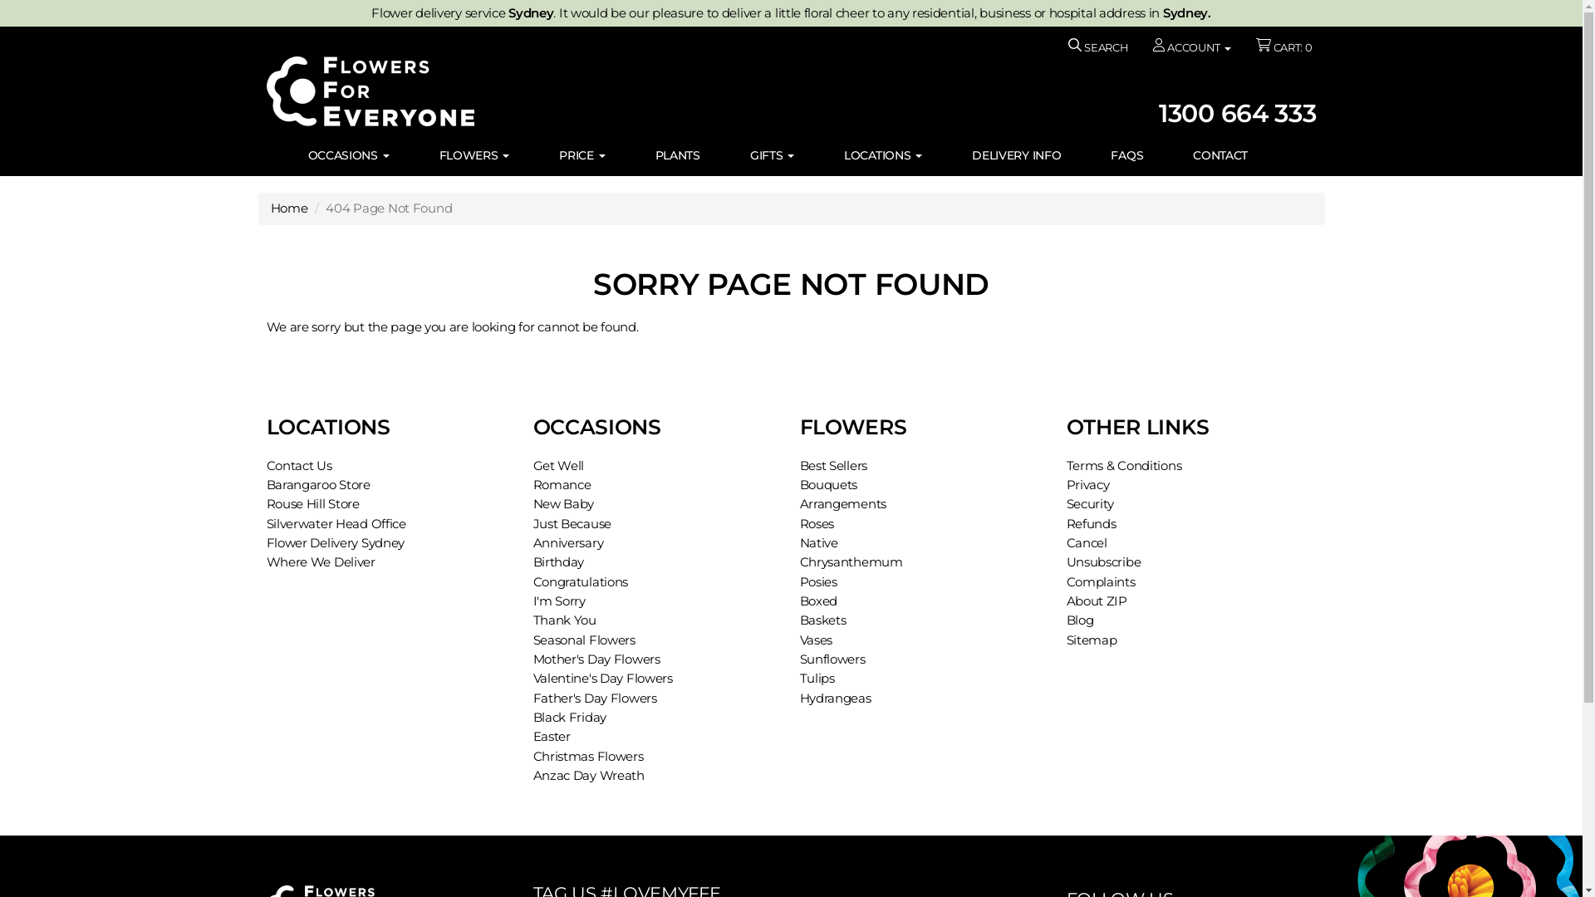 This screenshot has height=897, width=1595. I want to click on 'Just Because', so click(572, 524).